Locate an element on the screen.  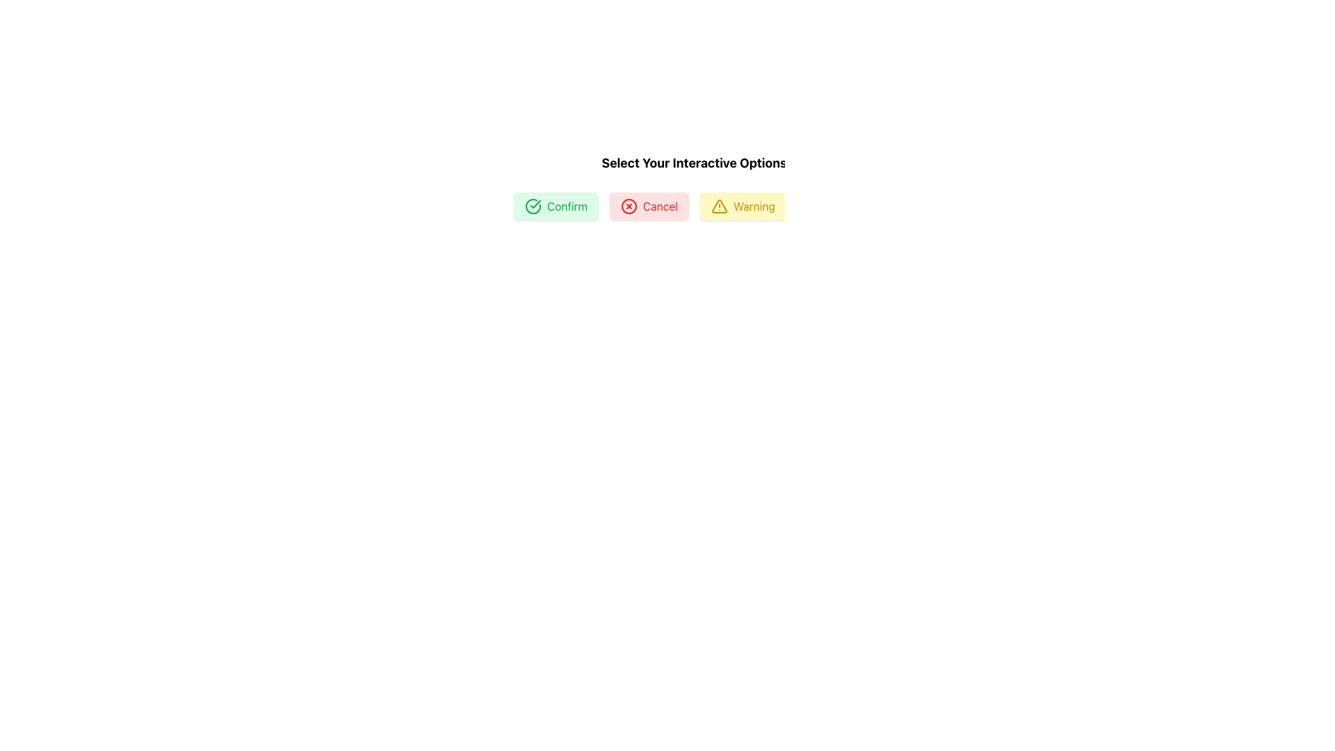
the pointer across the button group located below the title text 'Select Your Interactive Options:', which consists of four interactive buttons is located at coordinates (640, 186).